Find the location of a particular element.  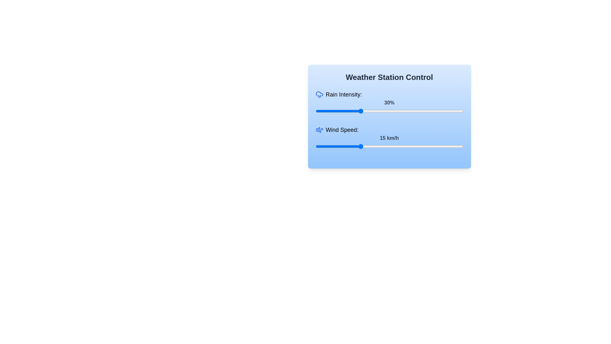

the rain intensity slider to 99% is located at coordinates (461, 111).